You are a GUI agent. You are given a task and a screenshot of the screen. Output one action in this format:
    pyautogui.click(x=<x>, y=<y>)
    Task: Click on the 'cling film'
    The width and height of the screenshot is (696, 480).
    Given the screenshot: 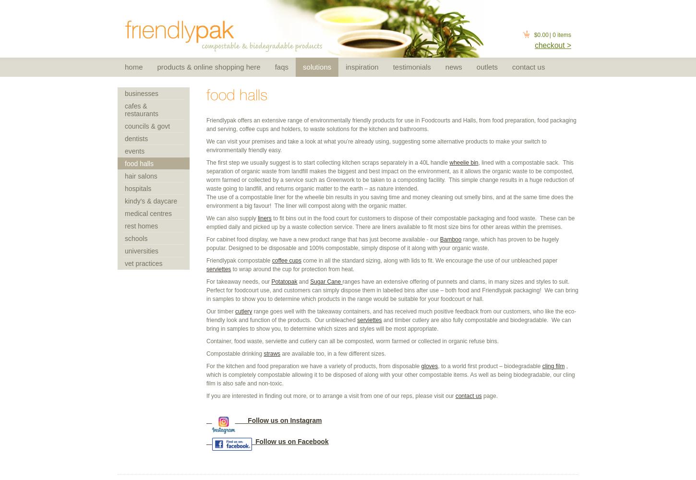 What is the action you would take?
    pyautogui.click(x=552, y=366)
    